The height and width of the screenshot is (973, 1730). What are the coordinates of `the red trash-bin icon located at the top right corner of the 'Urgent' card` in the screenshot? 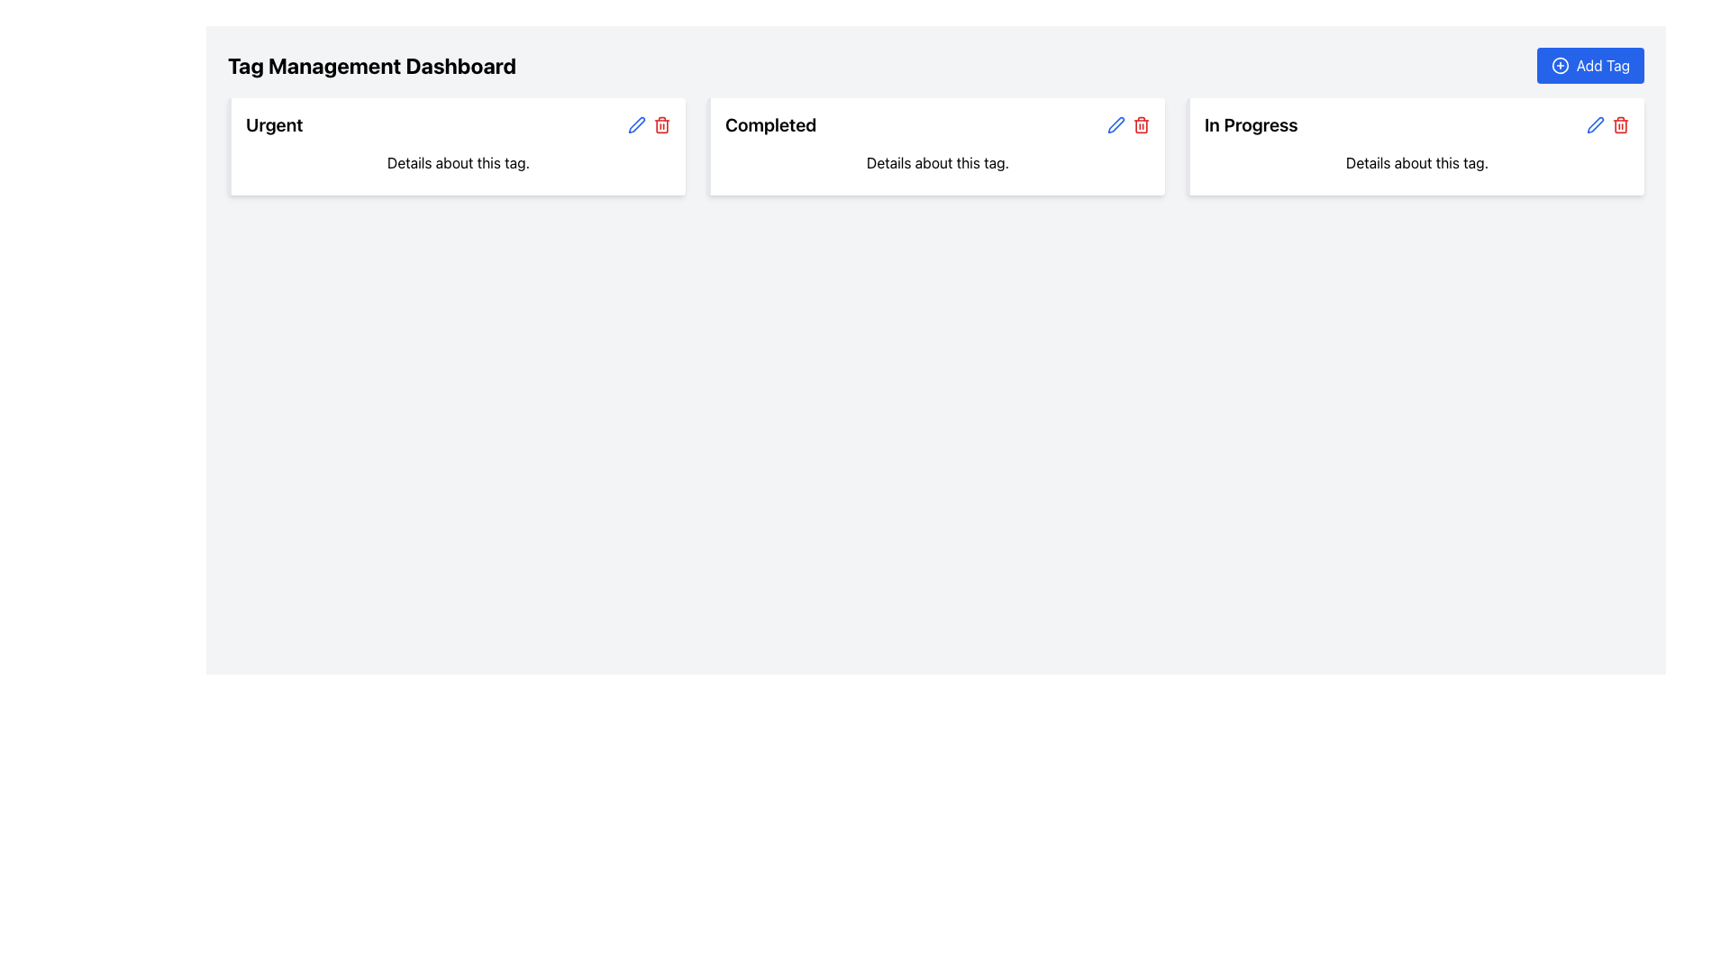 It's located at (660, 123).